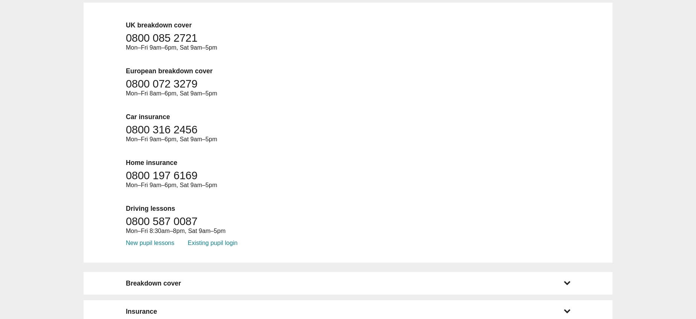 Image resolution: width=696 pixels, height=319 pixels. I want to click on 'Insurance', so click(141, 311).